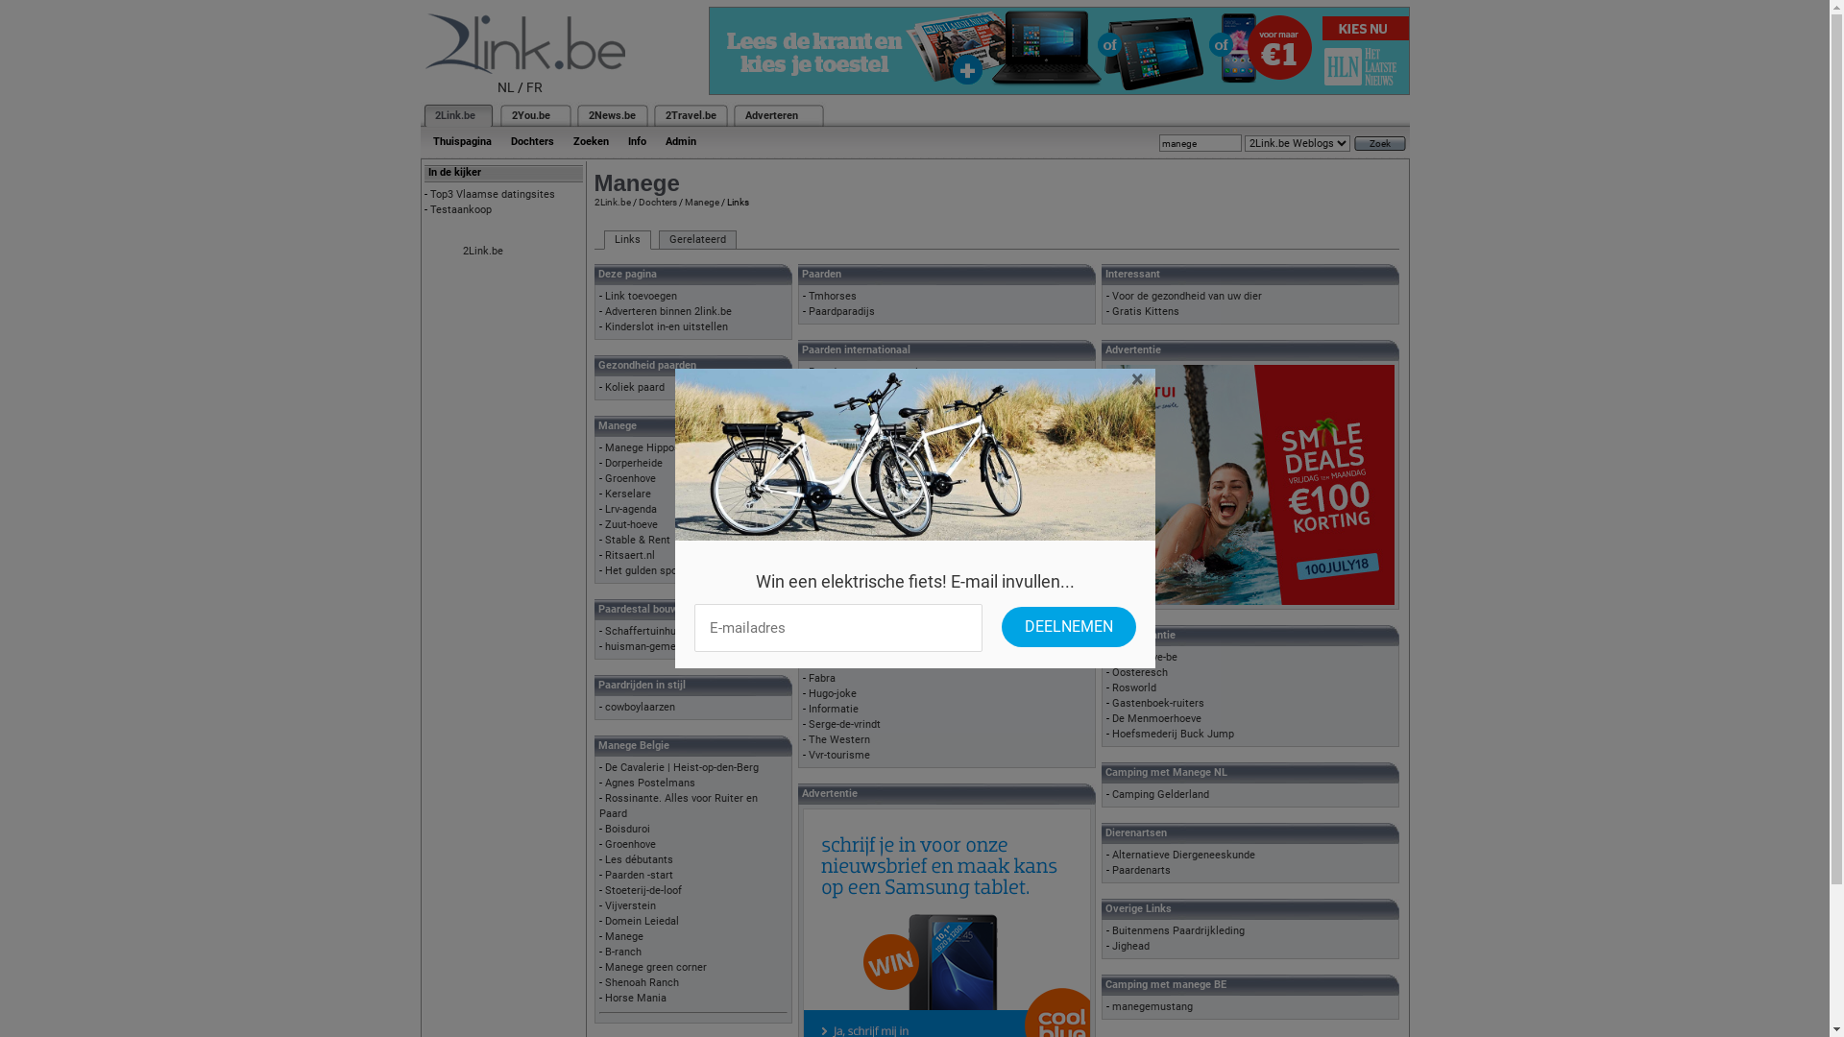 Image resolution: width=1844 pixels, height=1037 pixels. Describe the element at coordinates (602, 239) in the screenshot. I see `'Links'` at that location.